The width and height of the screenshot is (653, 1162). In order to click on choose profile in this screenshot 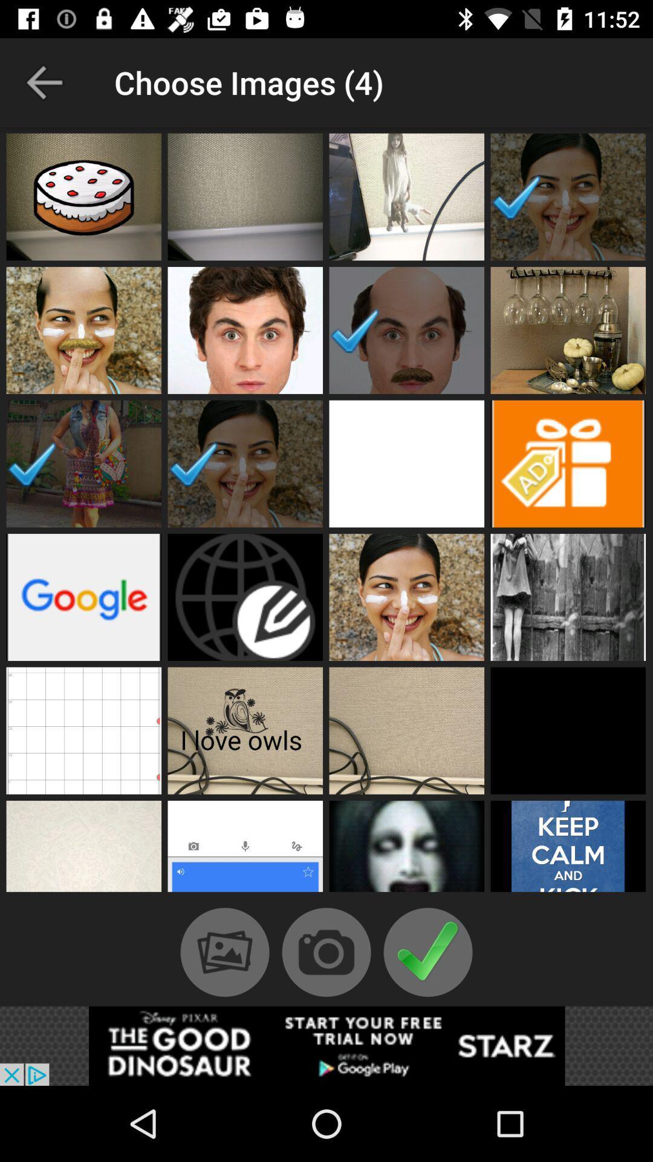, I will do `click(245, 330)`.